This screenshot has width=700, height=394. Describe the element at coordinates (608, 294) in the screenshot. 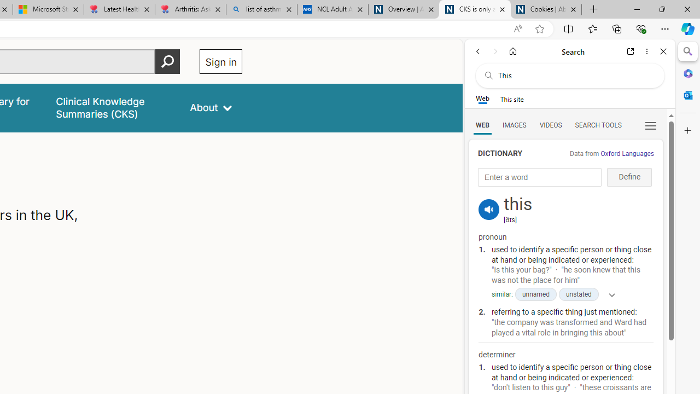

I see `'Show more'` at that location.